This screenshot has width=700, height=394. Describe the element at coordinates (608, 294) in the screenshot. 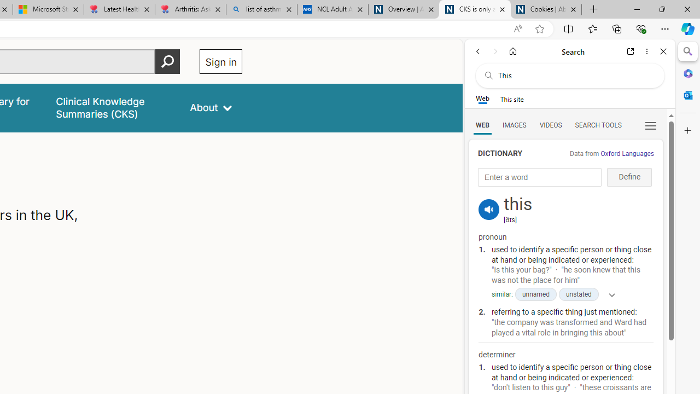

I see `'Show more'` at that location.